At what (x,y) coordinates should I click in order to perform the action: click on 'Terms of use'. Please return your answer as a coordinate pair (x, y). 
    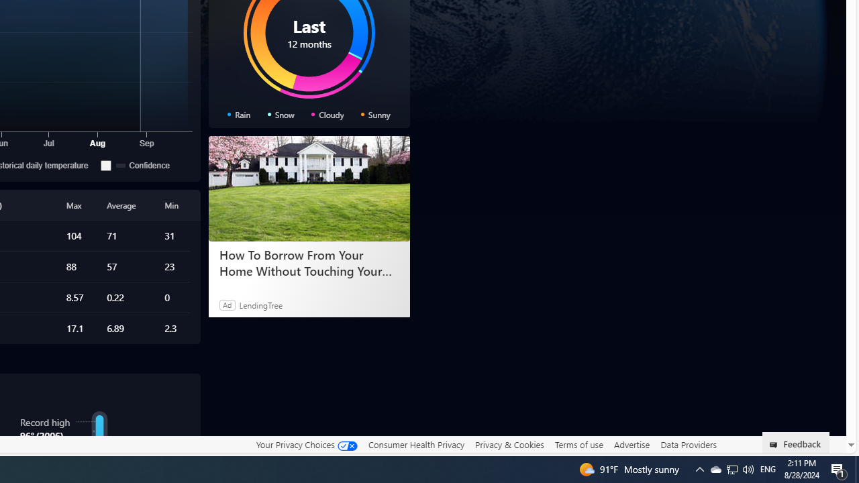
    Looking at the image, I should click on (578, 444).